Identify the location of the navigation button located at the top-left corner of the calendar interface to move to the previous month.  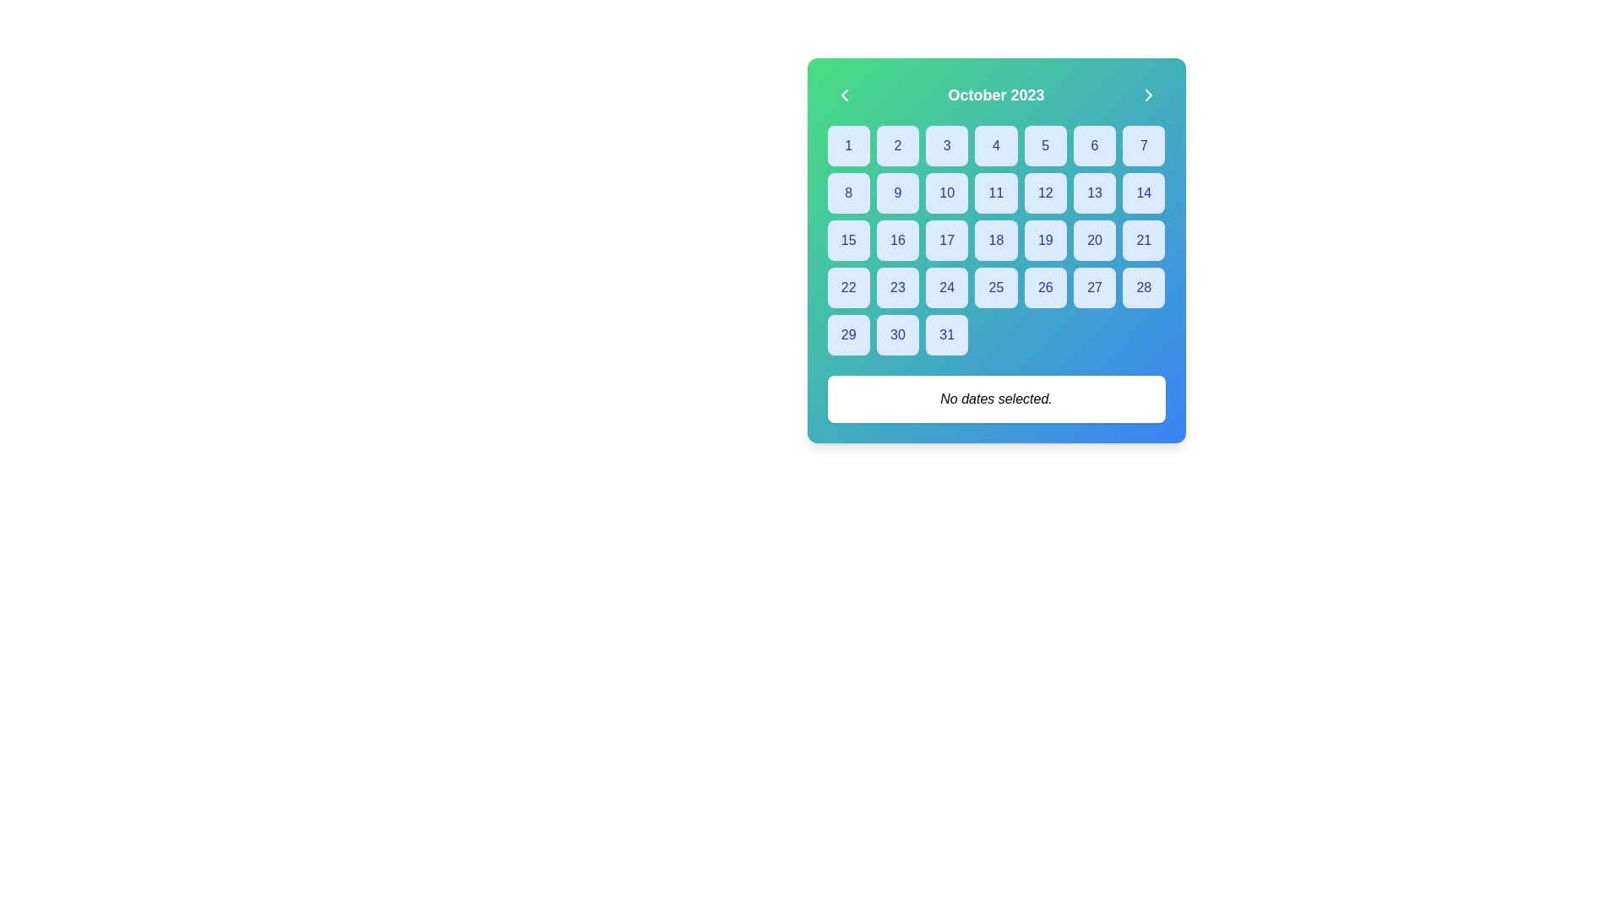
(844, 95).